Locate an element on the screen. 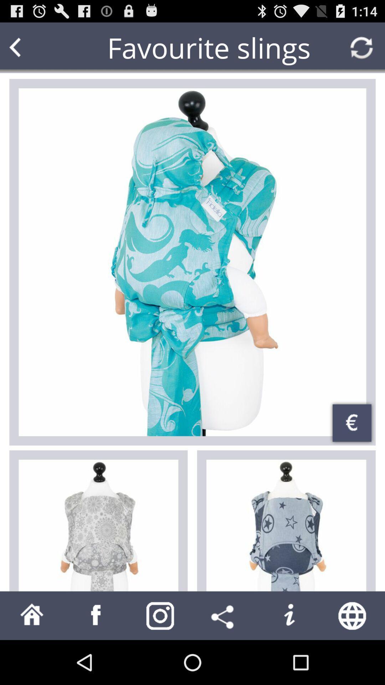 This screenshot has width=385, height=685. go back is located at coordinates (29, 47).